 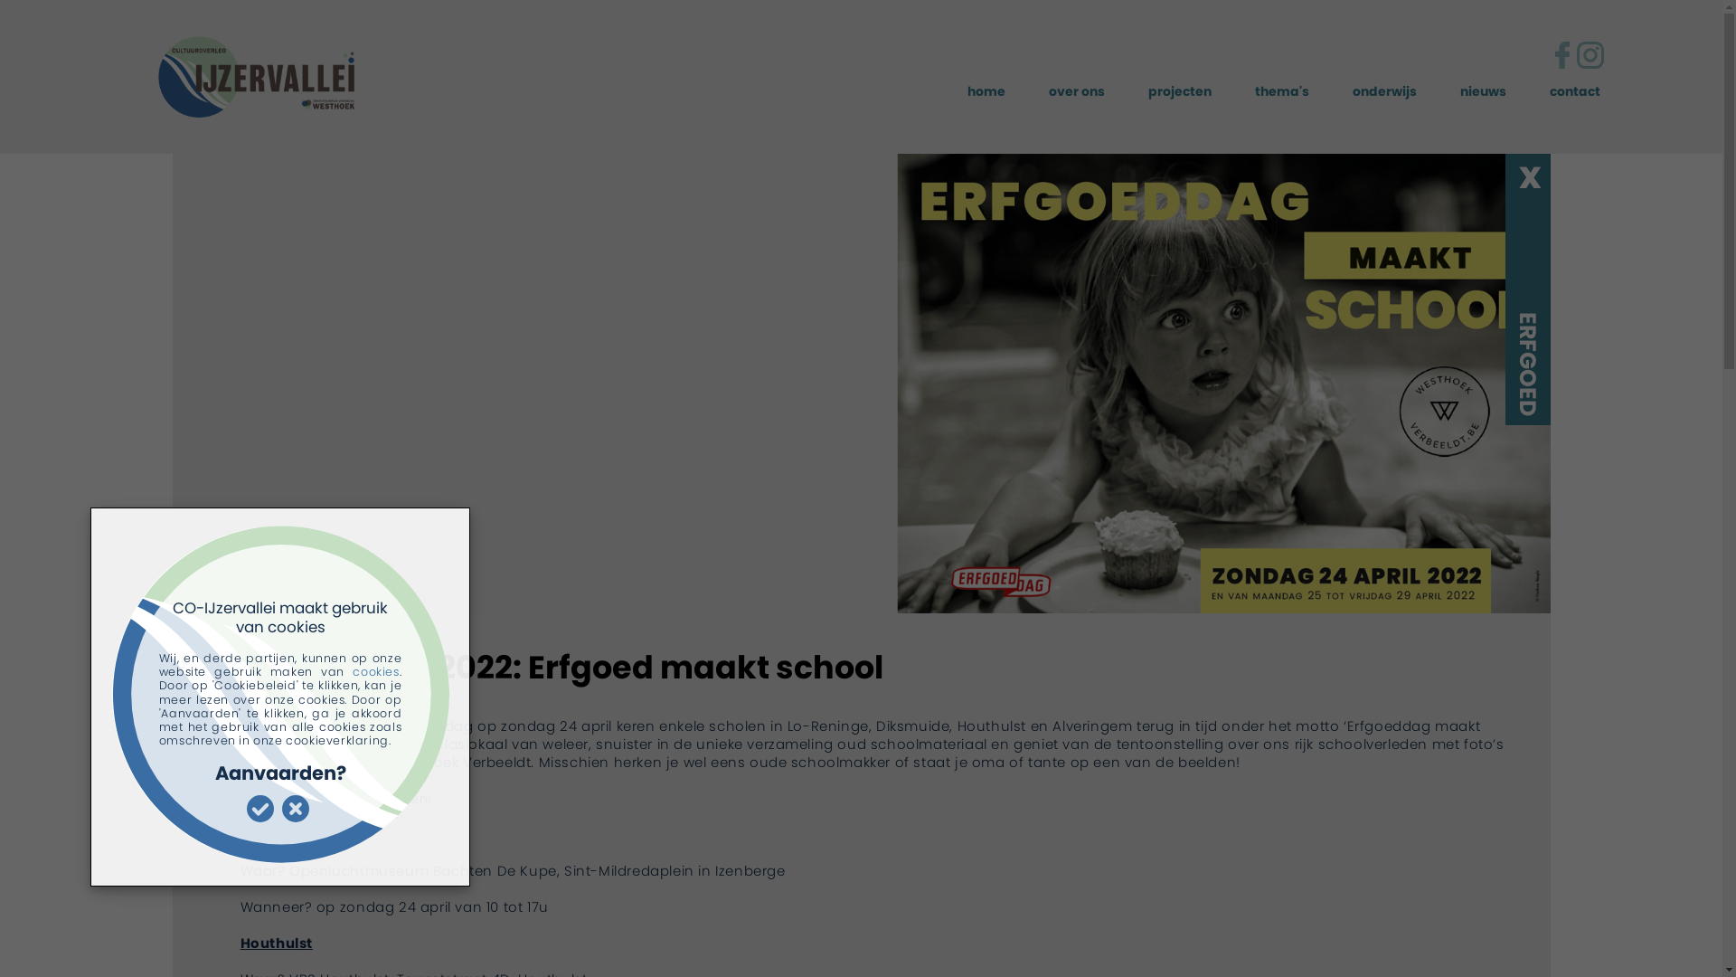 I want to click on 'contact', so click(x=1574, y=92).